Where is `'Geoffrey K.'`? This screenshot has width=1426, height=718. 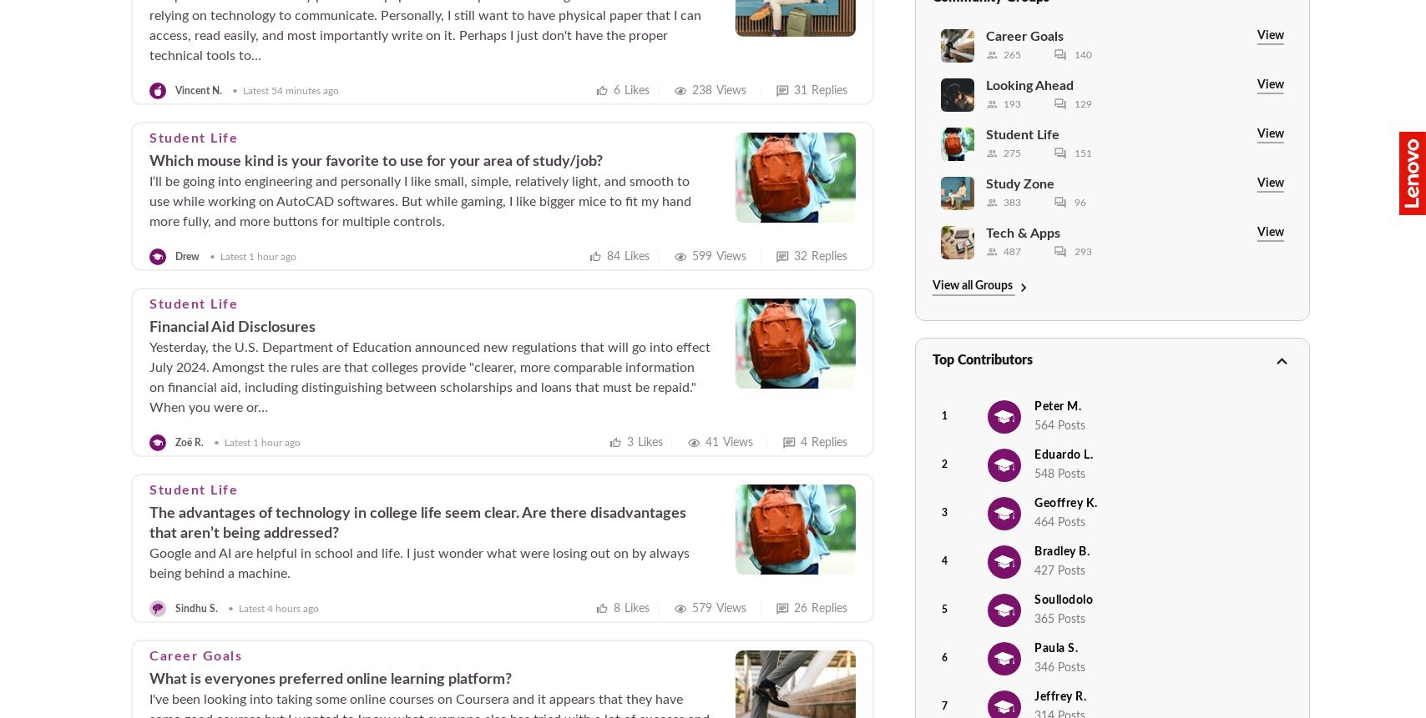
'Geoffrey K.' is located at coordinates (1065, 502).